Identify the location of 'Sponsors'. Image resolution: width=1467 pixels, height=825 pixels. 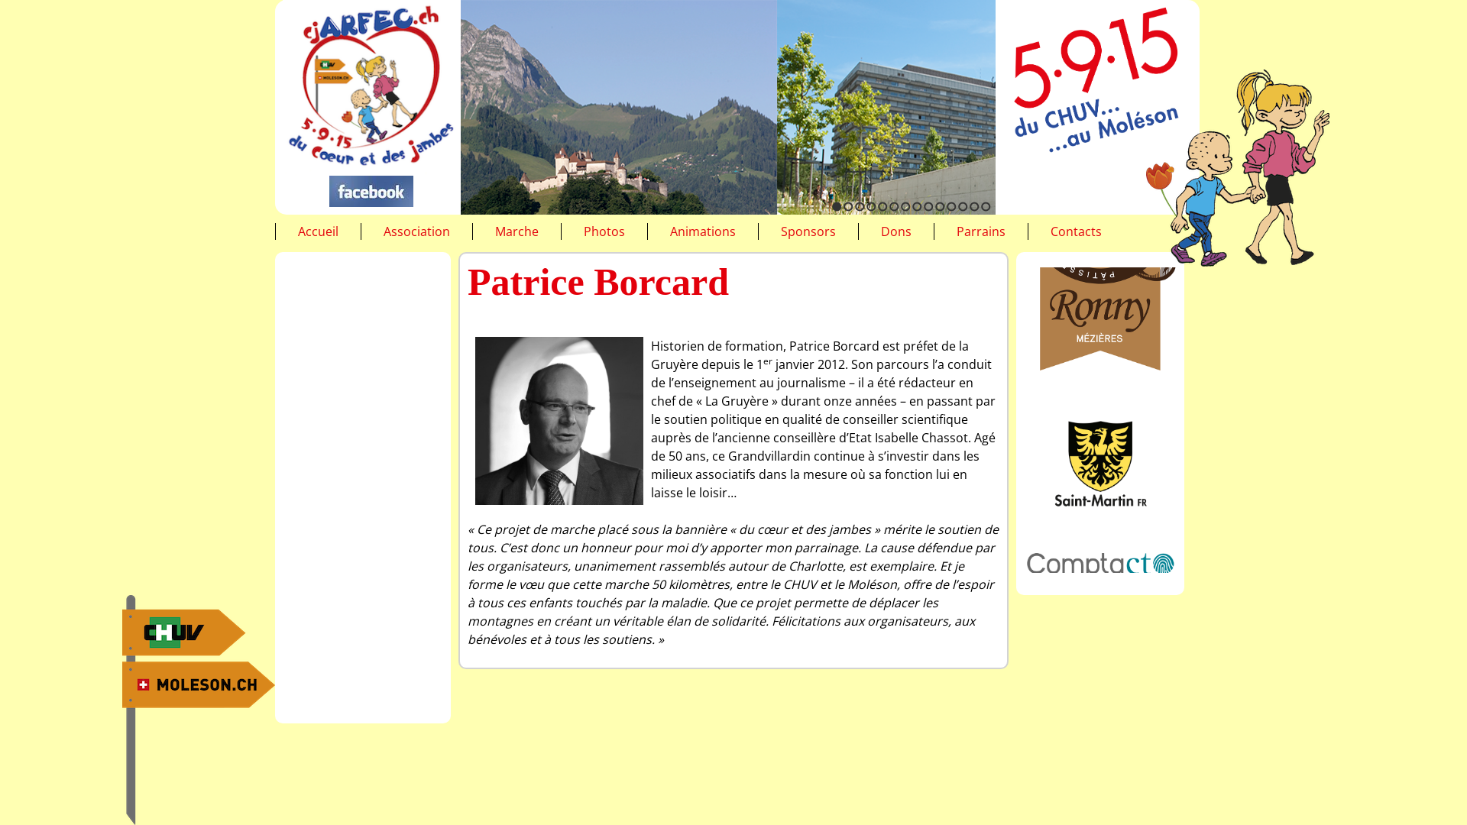
(807, 231).